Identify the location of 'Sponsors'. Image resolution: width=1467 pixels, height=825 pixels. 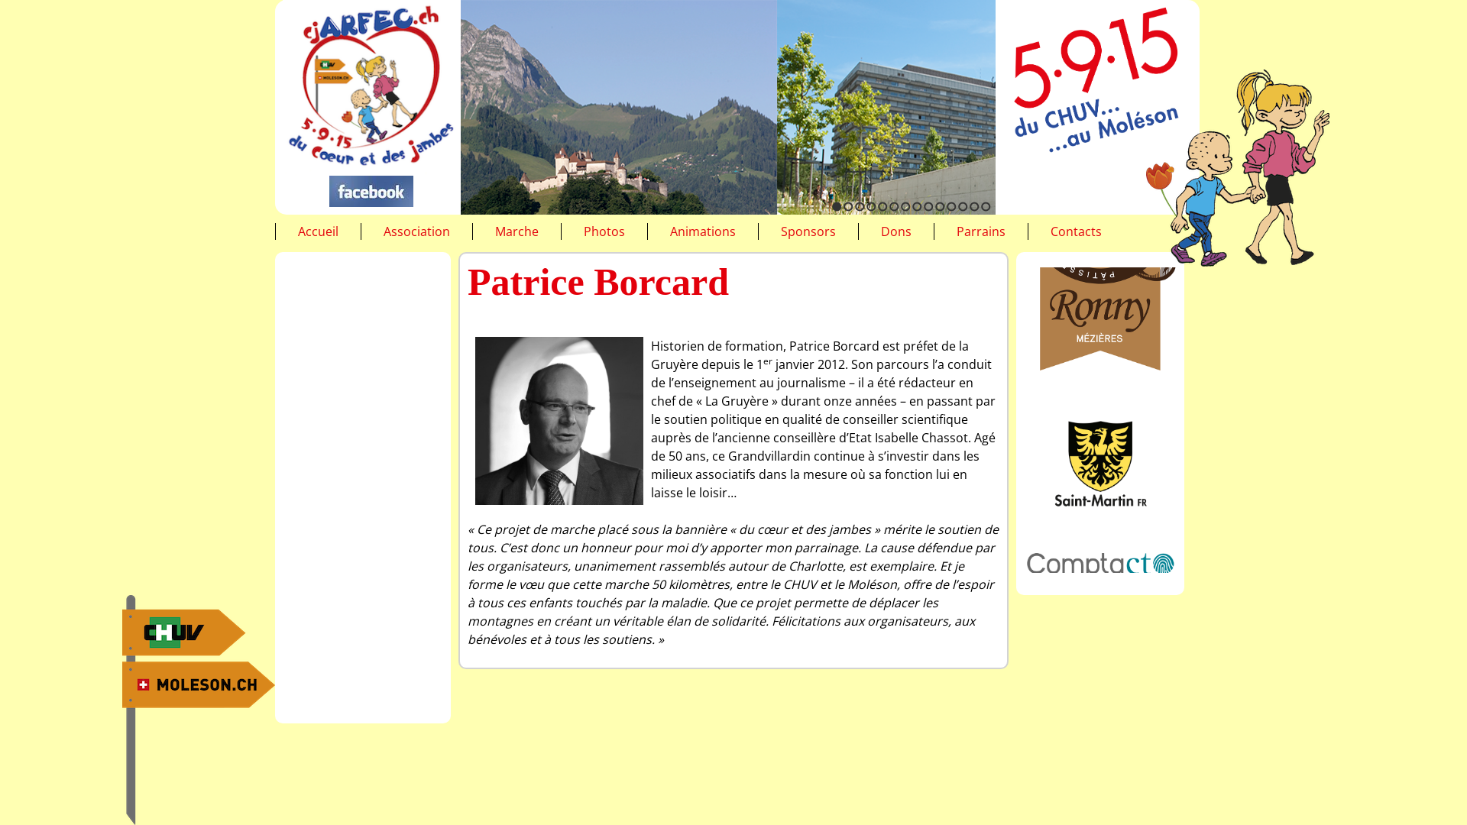
(807, 231).